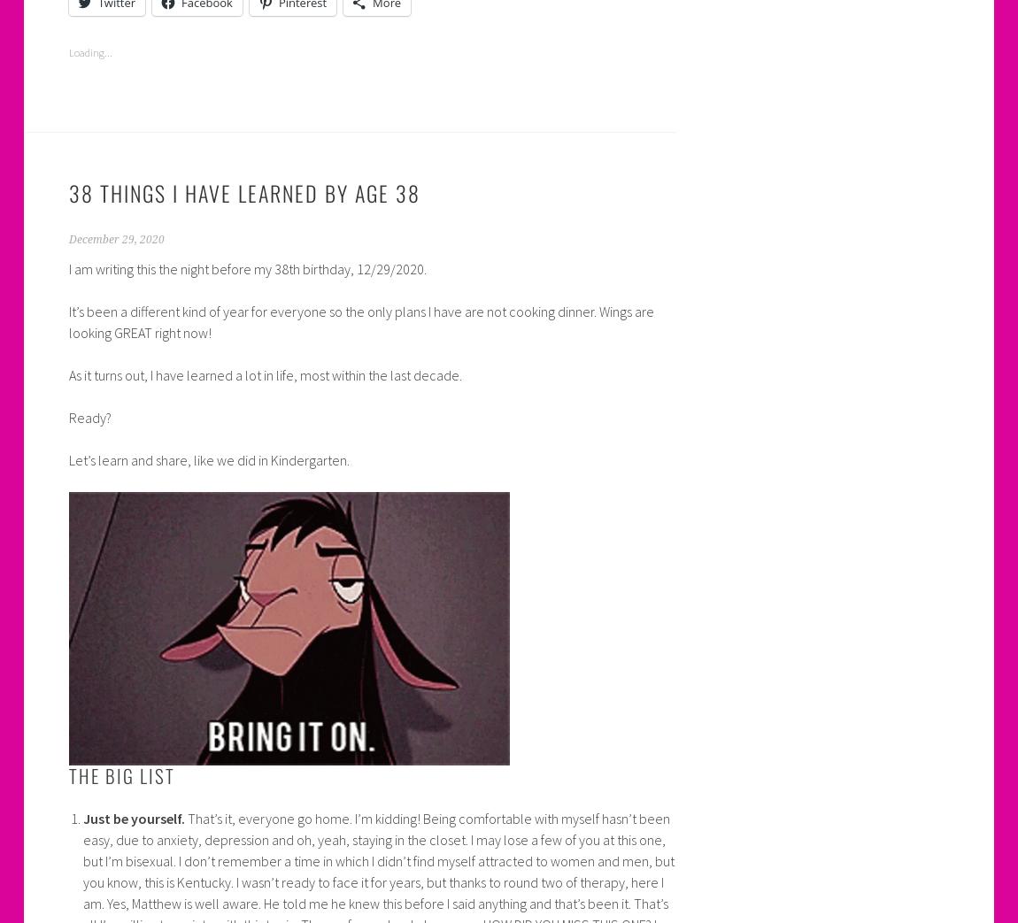  What do you see at coordinates (207, 459) in the screenshot?
I see `'Let’s learn and share, like we did in Kindergarten.'` at bounding box center [207, 459].